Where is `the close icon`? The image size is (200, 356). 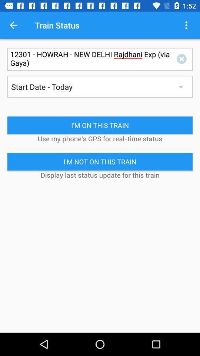
the close icon is located at coordinates (183, 59).